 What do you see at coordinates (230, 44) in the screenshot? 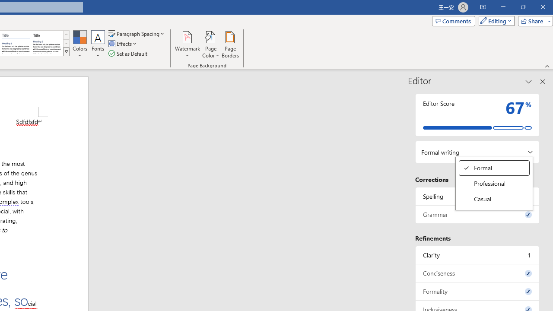
I see `'Page Borders...'` at bounding box center [230, 44].